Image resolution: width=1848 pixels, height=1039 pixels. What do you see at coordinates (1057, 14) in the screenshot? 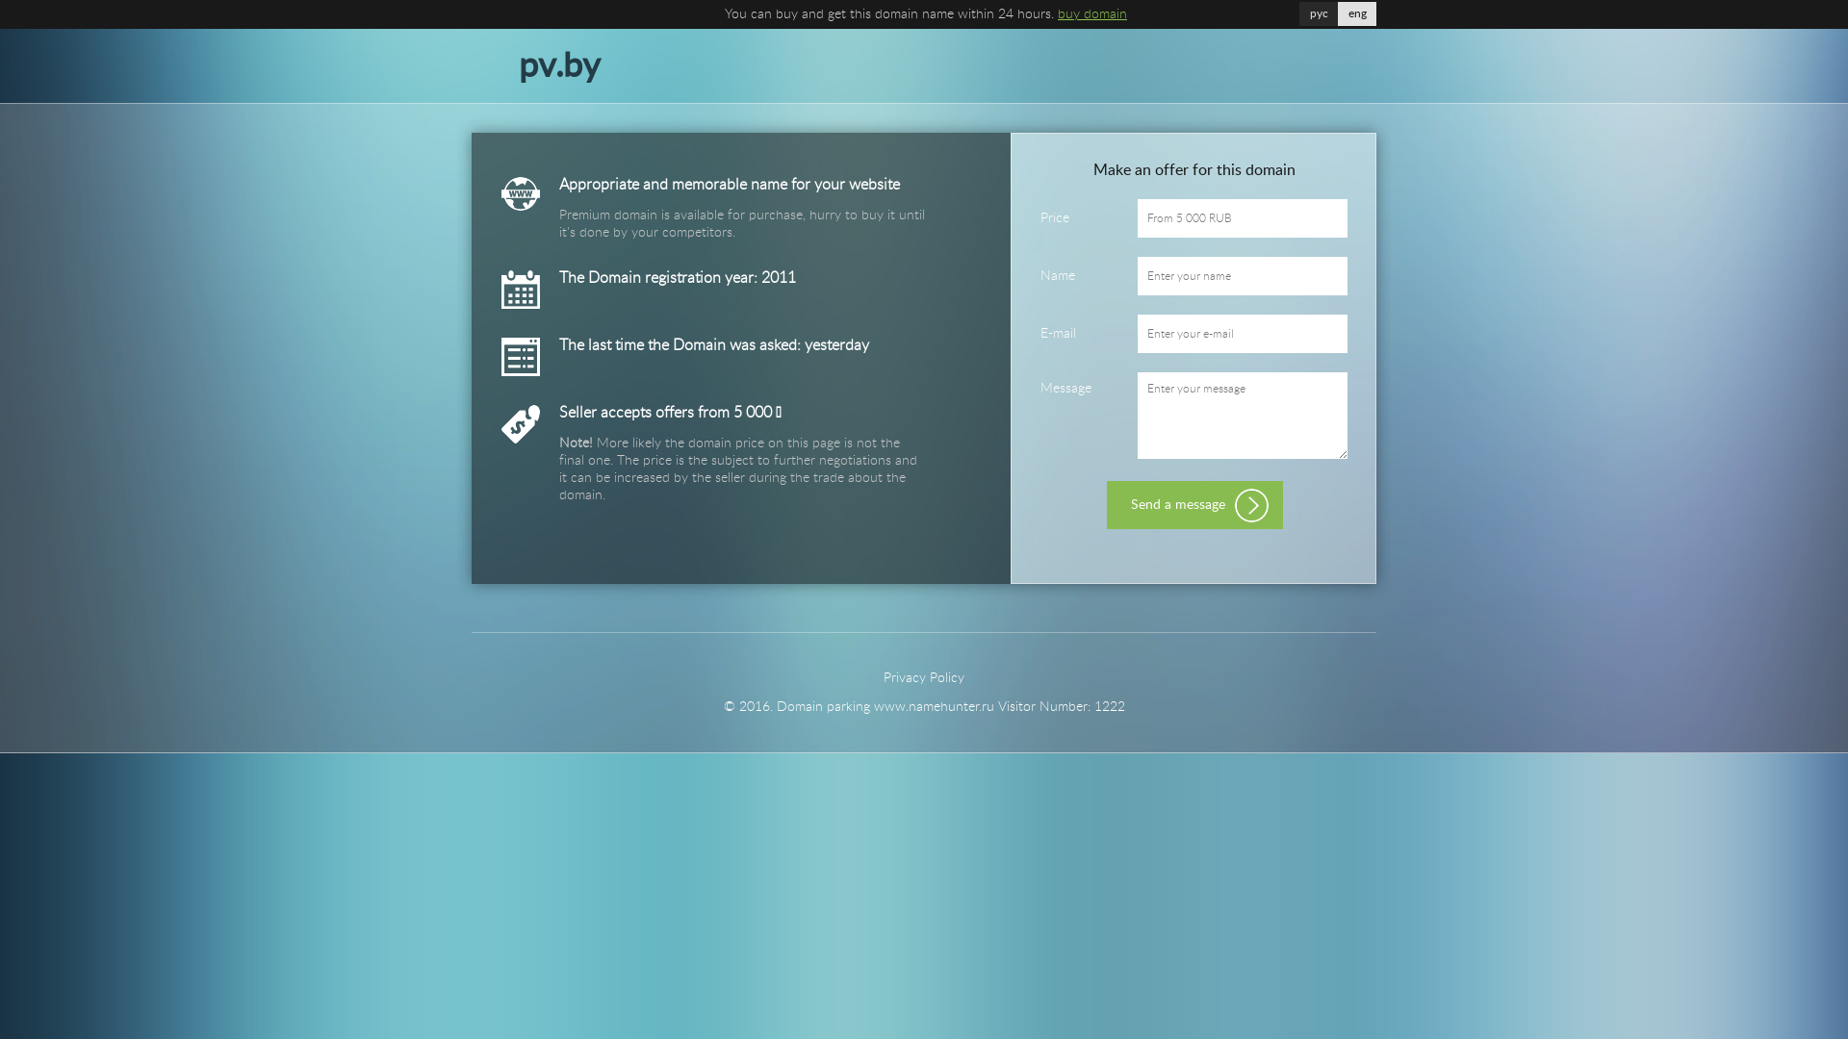
I see `'buy domain'` at bounding box center [1057, 14].